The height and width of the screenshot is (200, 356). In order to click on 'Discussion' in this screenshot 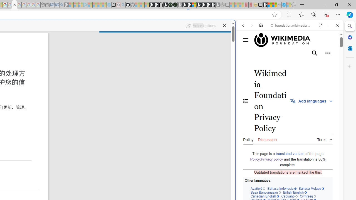, I will do `click(267, 139)`.